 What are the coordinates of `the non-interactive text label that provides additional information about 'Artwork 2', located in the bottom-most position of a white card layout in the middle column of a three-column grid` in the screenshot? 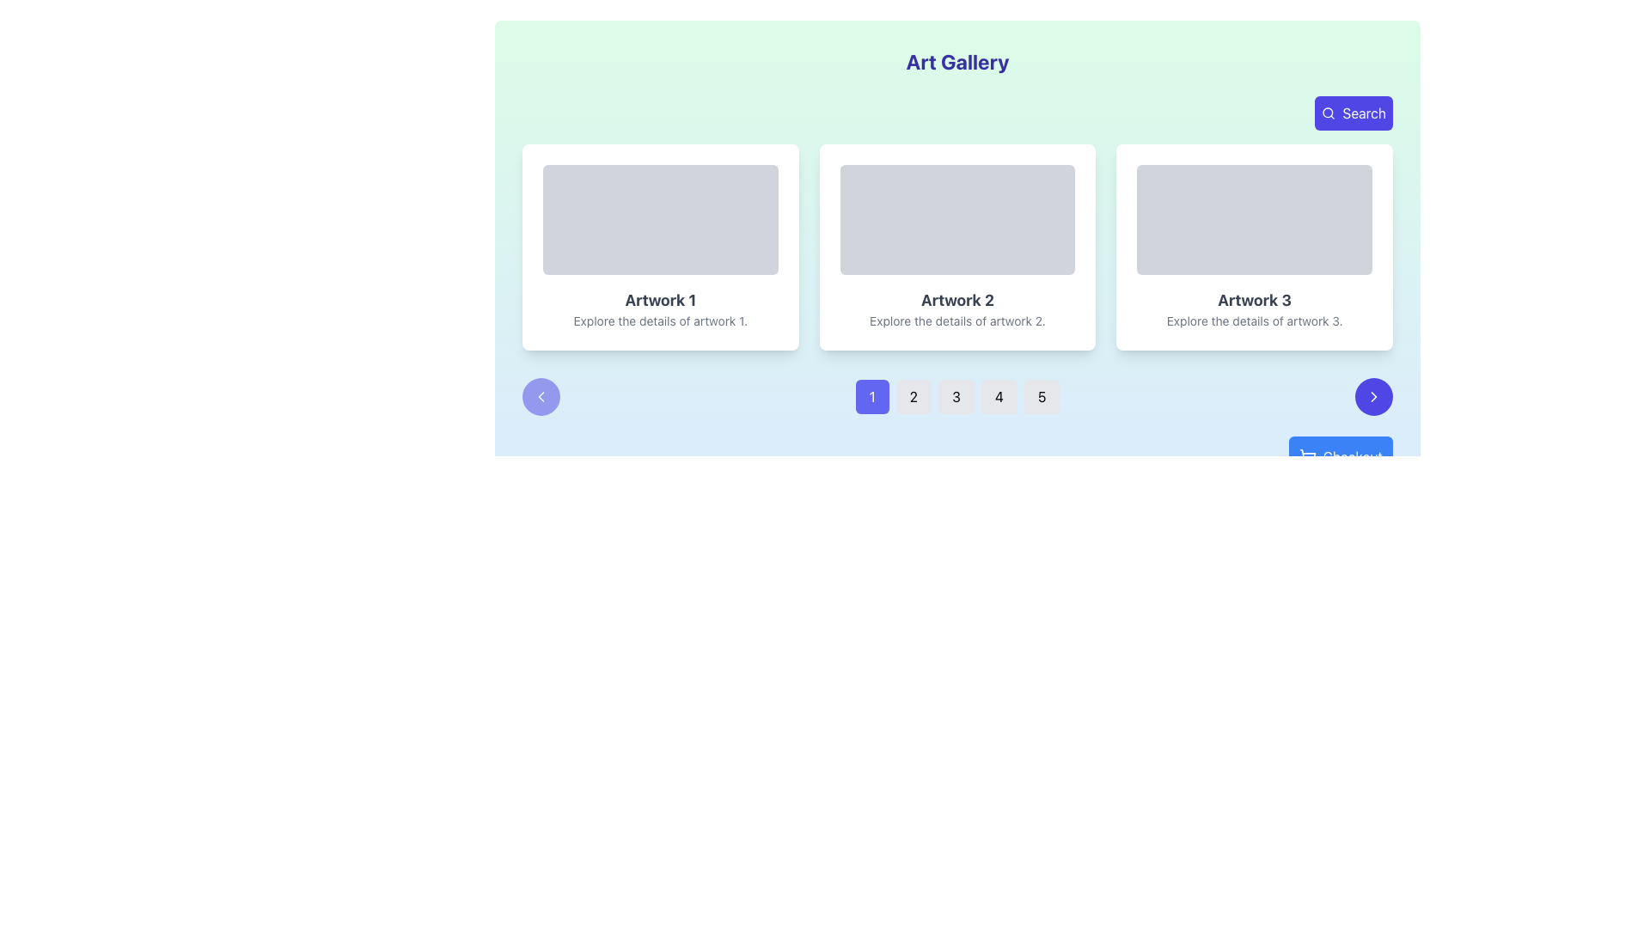 It's located at (956, 321).